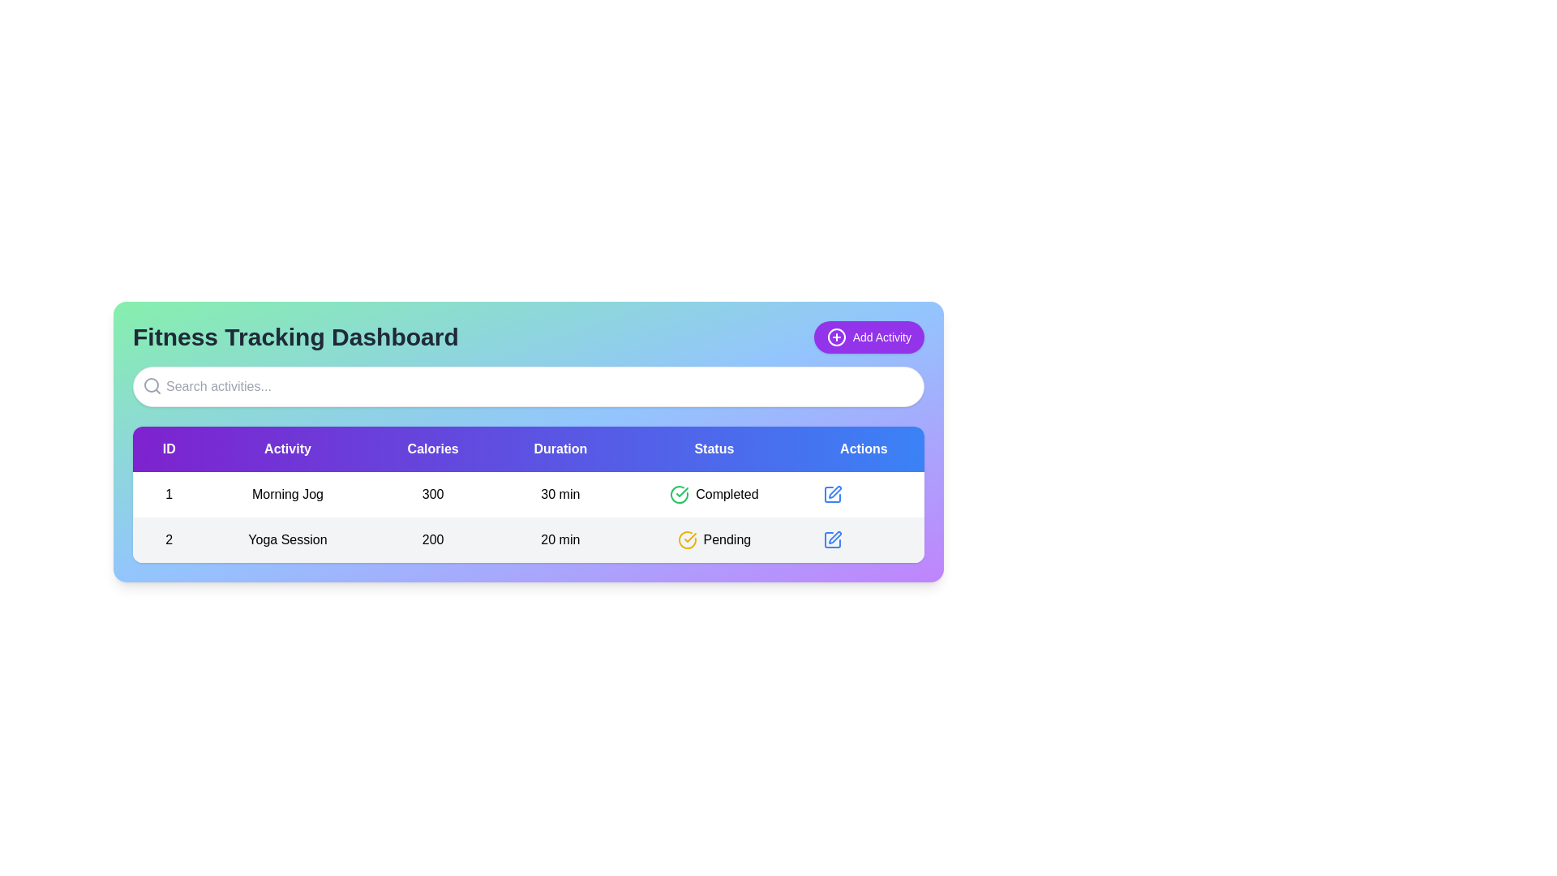  What do you see at coordinates (832, 493) in the screenshot?
I see `the second button under the 'Actions' column of the first row in the 'Fitness Tracking Dashboard' to initiate the edit operation for the 'Morning Jog' activity` at bounding box center [832, 493].